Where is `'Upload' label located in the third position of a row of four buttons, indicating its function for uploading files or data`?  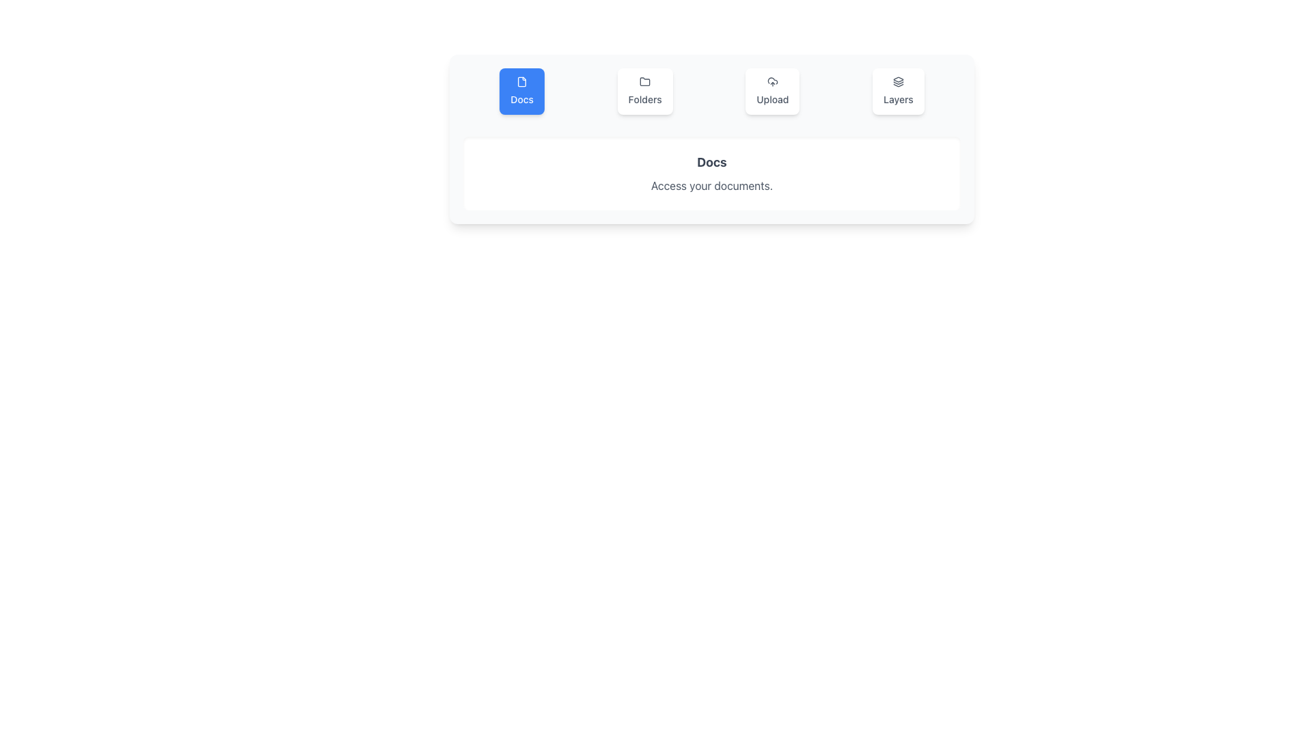 'Upload' label located in the third position of a row of four buttons, indicating its function for uploading files or data is located at coordinates (772, 99).